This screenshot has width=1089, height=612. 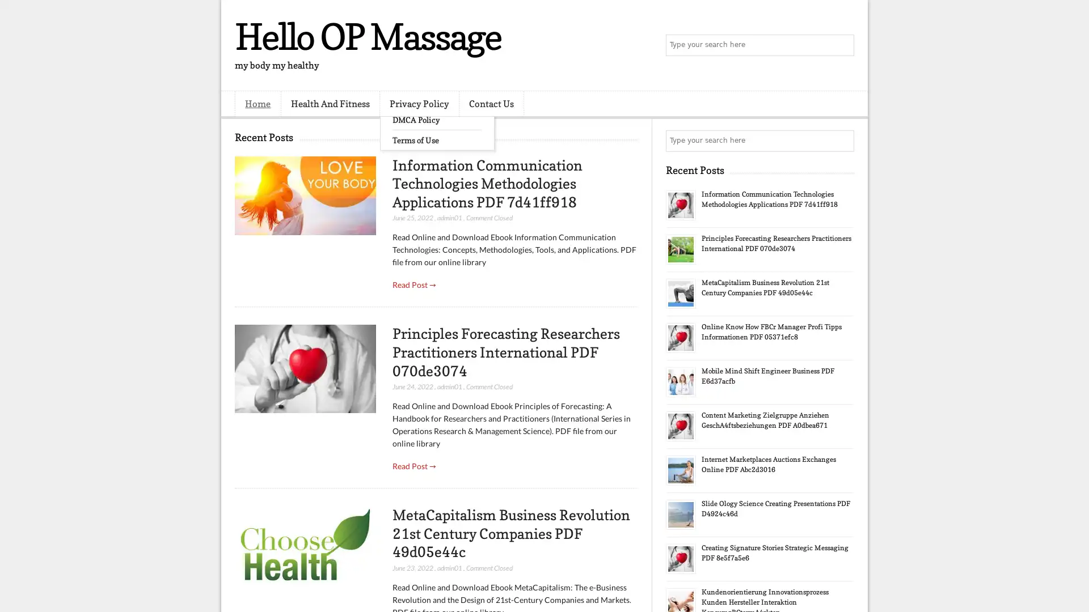 I want to click on Search, so click(x=842, y=45).